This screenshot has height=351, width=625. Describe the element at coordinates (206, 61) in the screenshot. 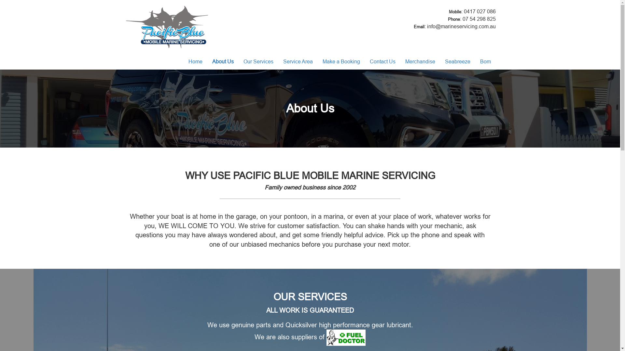

I see `'About Us'` at that location.